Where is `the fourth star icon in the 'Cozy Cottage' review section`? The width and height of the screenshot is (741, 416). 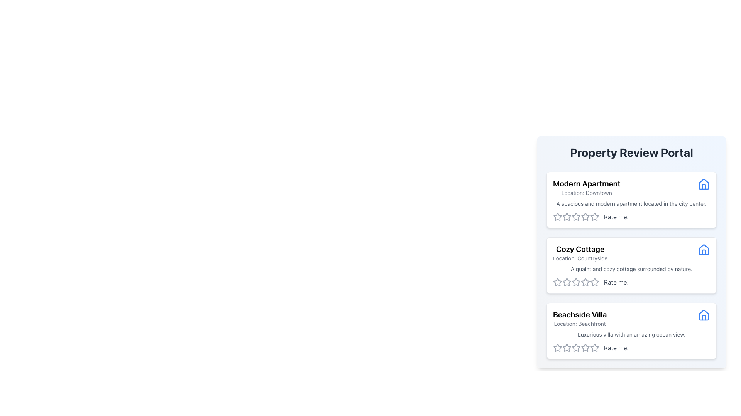 the fourth star icon in the 'Cozy Cottage' review section is located at coordinates (594, 282).